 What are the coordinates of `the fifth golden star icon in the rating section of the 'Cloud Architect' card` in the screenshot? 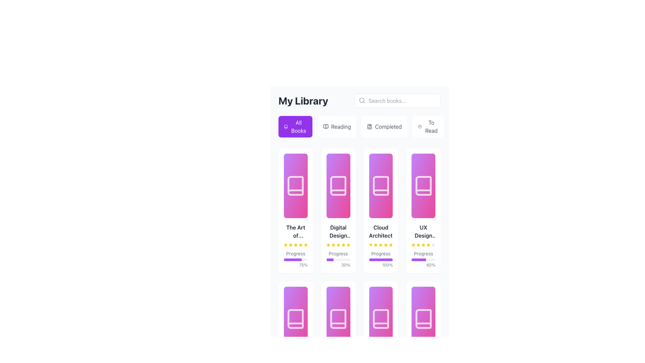 It's located at (391, 245).